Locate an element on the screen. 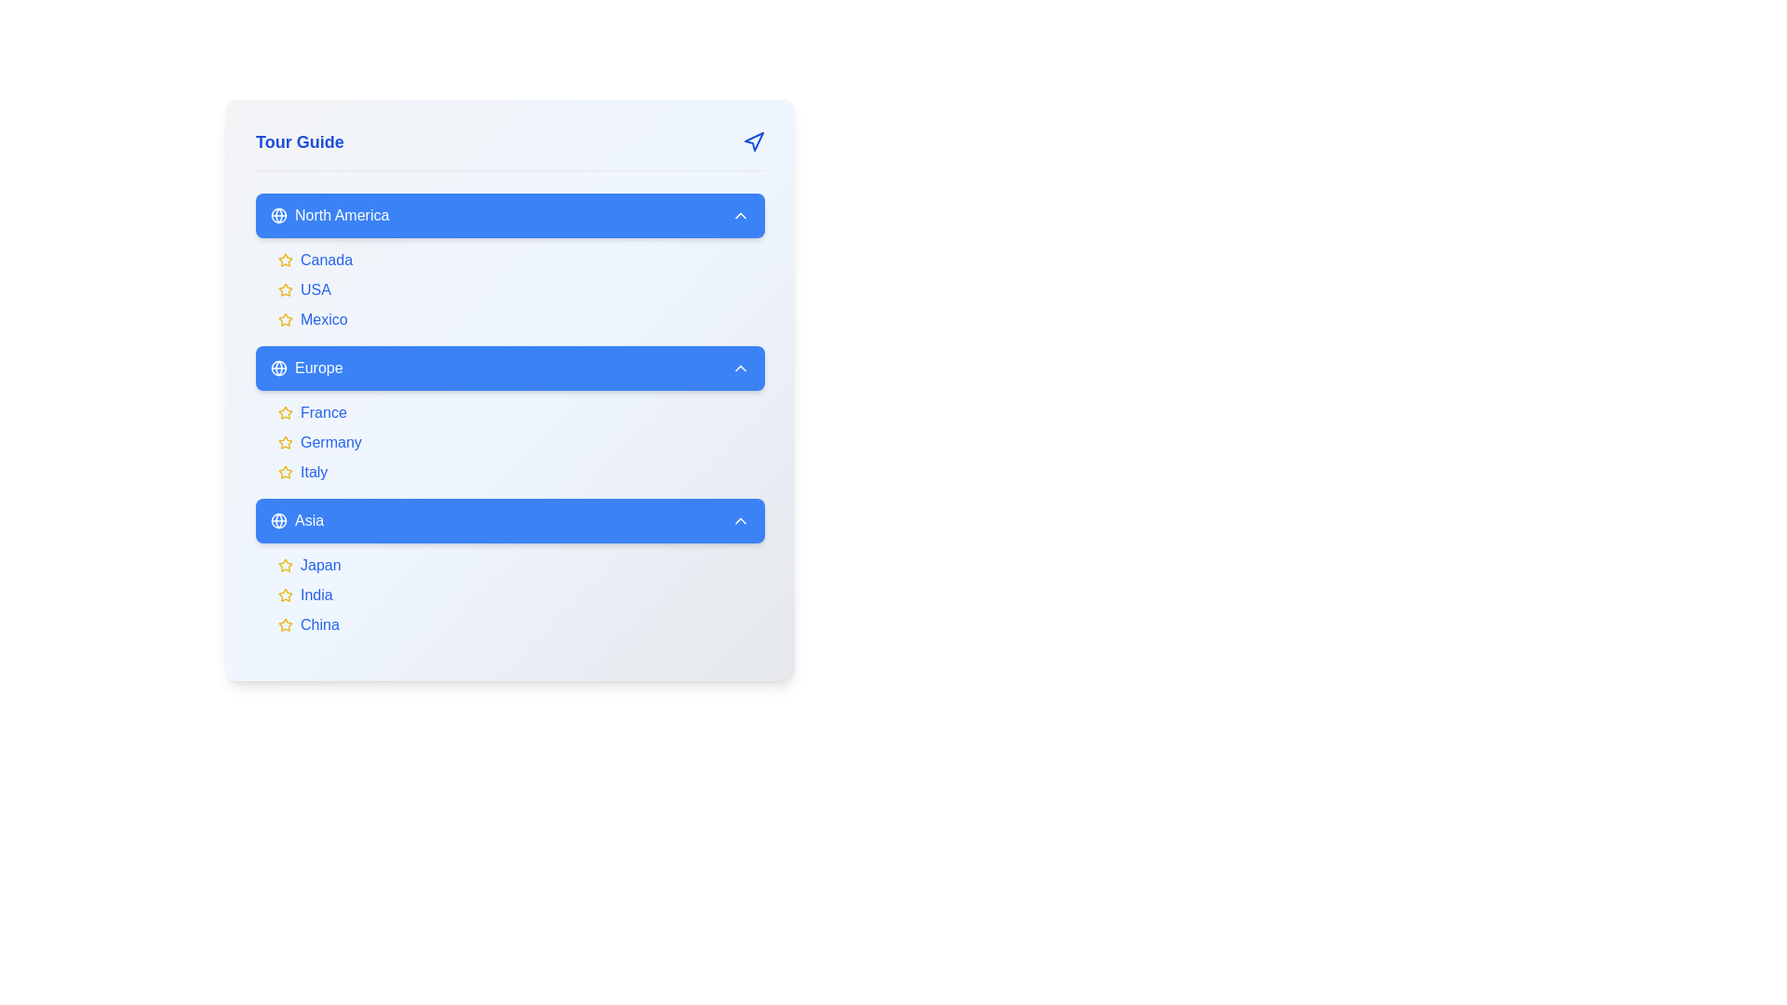  the text label indicating the name of a geographical region, which is positioned inside a blue rectangular block at the top of the list of regions is located at coordinates (329, 214).